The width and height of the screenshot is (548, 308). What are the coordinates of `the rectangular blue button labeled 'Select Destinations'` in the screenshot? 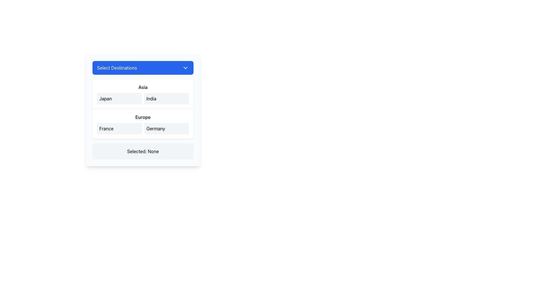 It's located at (143, 68).